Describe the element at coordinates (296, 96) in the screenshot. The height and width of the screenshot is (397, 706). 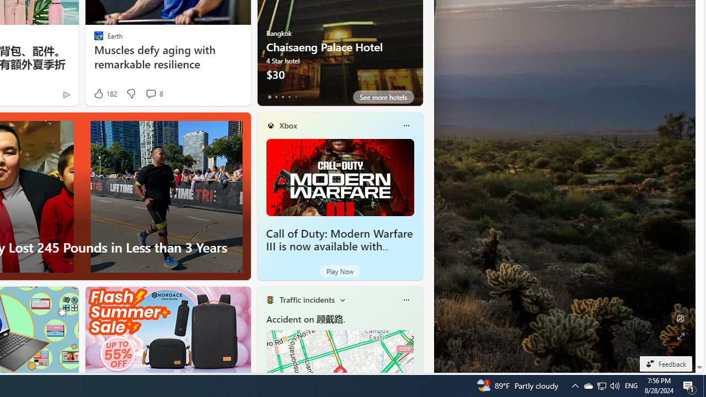
I see `'tab-4'` at that location.